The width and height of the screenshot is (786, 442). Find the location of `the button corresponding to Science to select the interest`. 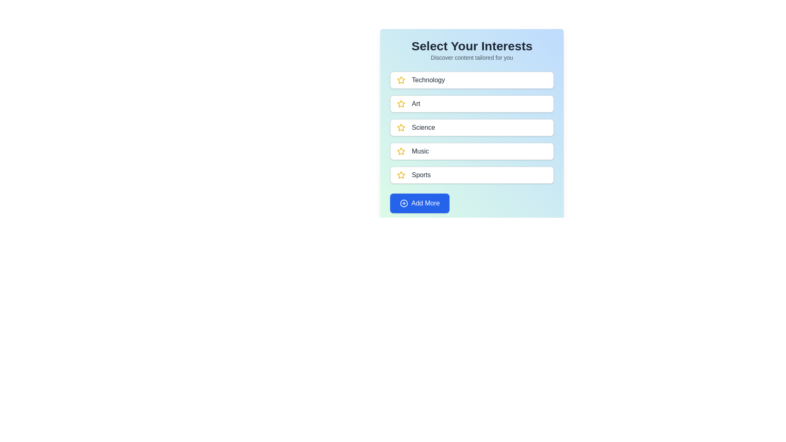

the button corresponding to Science to select the interest is located at coordinates (472, 128).